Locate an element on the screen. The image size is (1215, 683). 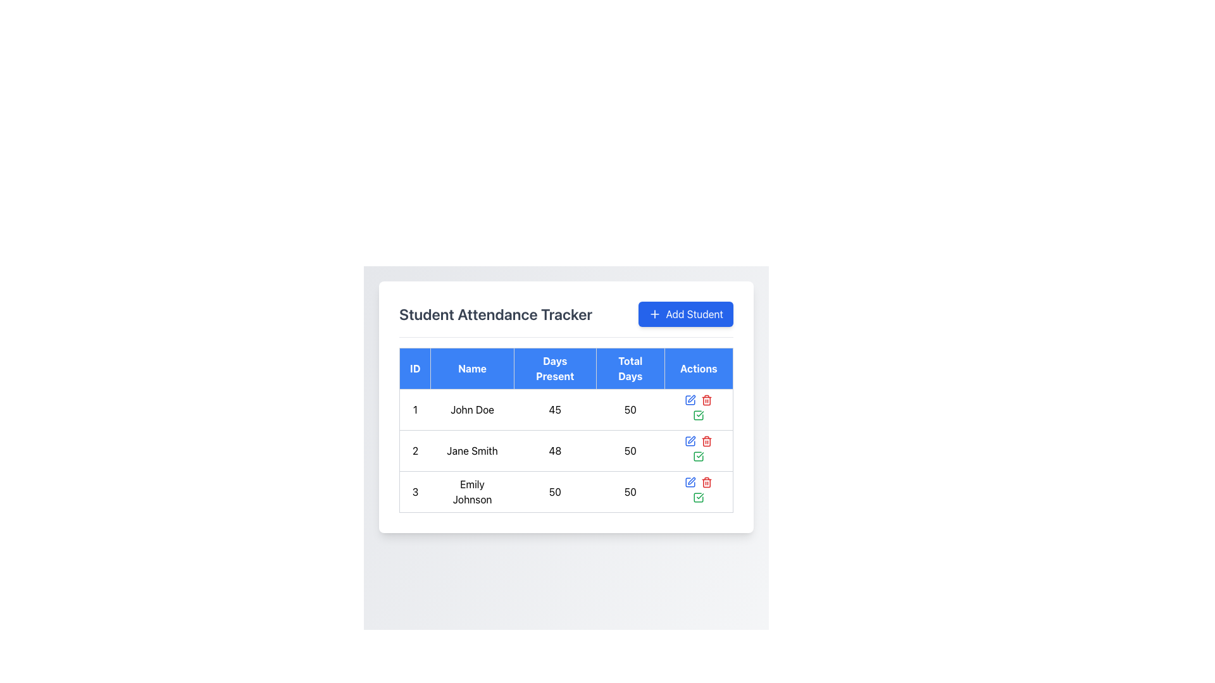
the text label displaying the number '3' in the ID column of the third row, adjacent to 'Emily Johnson' is located at coordinates (415, 491).